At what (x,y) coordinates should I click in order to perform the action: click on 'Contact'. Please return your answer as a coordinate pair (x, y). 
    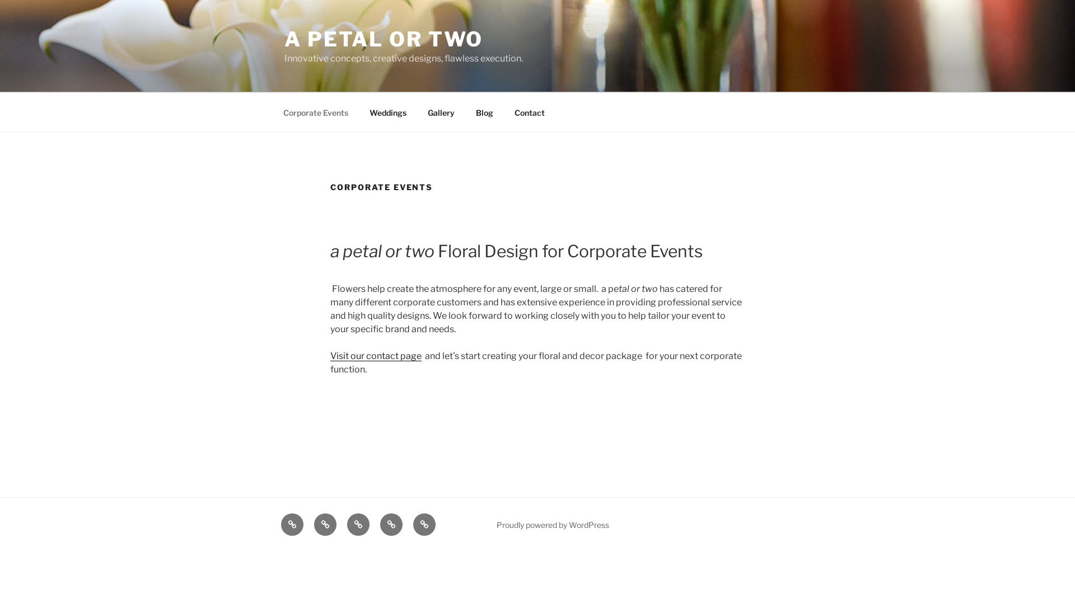
    Looking at the image, I should click on (424, 524).